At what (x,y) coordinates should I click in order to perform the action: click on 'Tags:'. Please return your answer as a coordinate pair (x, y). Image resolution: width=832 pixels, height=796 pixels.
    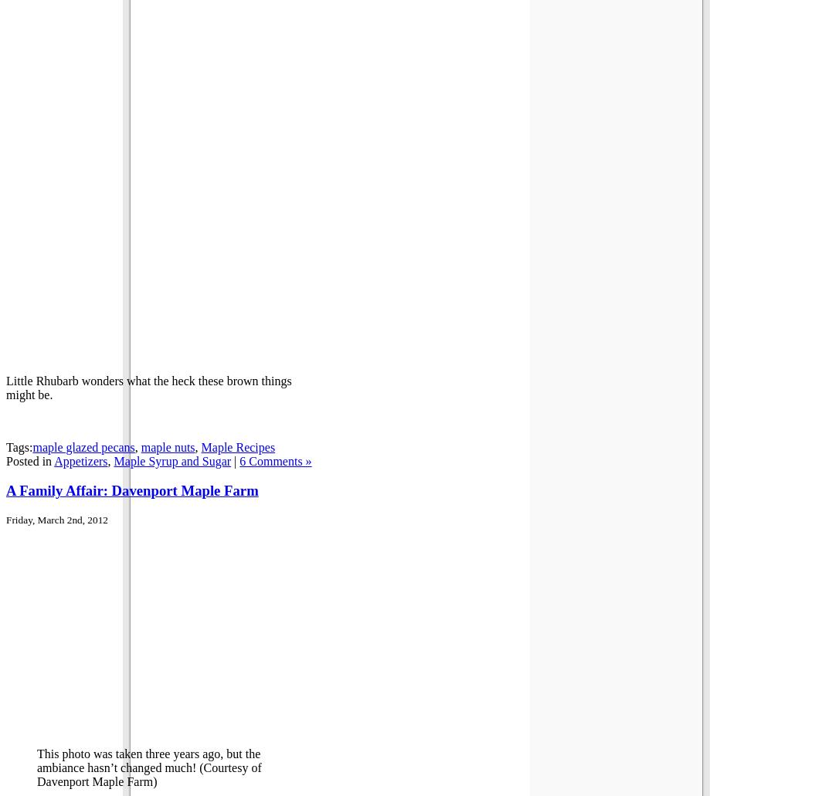
    Looking at the image, I should click on (18, 445).